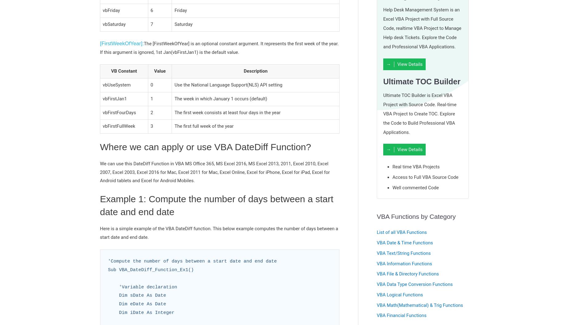 The image size is (569, 325). What do you see at coordinates (152, 112) in the screenshot?
I see `'2'` at bounding box center [152, 112].